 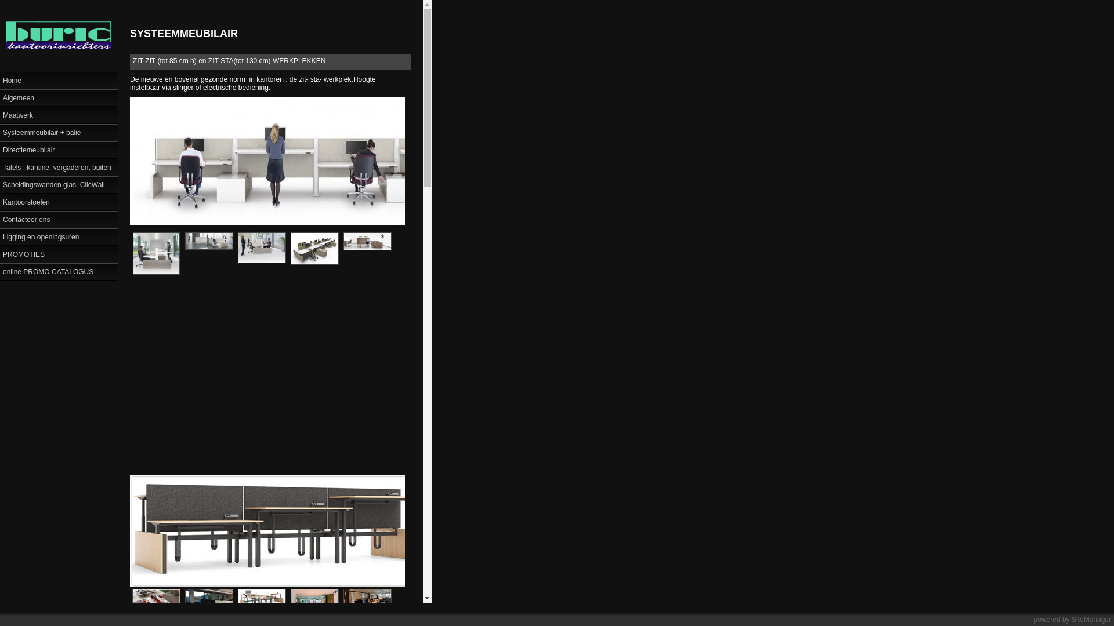 What do you see at coordinates (58, 183) in the screenshot?
I see `'Scheidingswanden glas, ClicWall'` at bounding box center [58, 183].